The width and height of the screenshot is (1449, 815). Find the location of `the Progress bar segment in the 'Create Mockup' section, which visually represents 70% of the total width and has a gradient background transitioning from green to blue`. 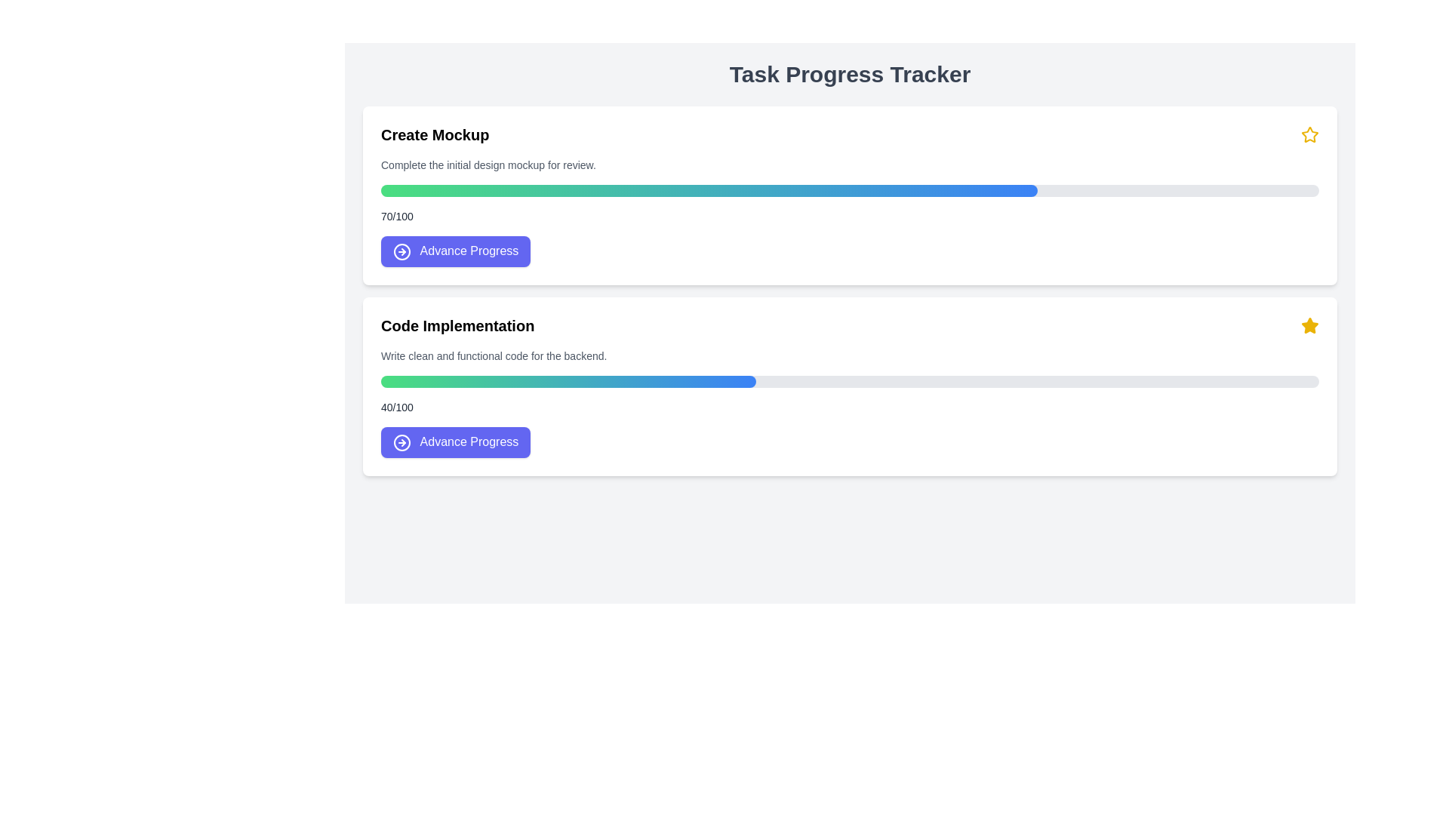

the Progress bar segment in the 'Create Mockup' section, which visually represents 70% of the total width and has a gradient background transitioning from green to blue is located at coordinates (709, 190).